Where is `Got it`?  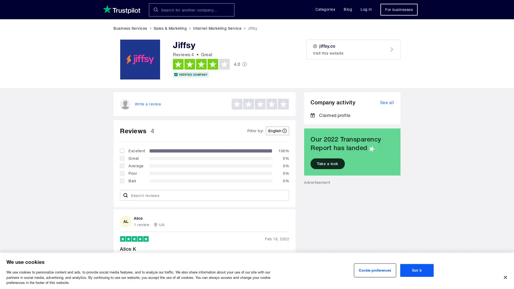
Got it is located at coordinates (416, 270).